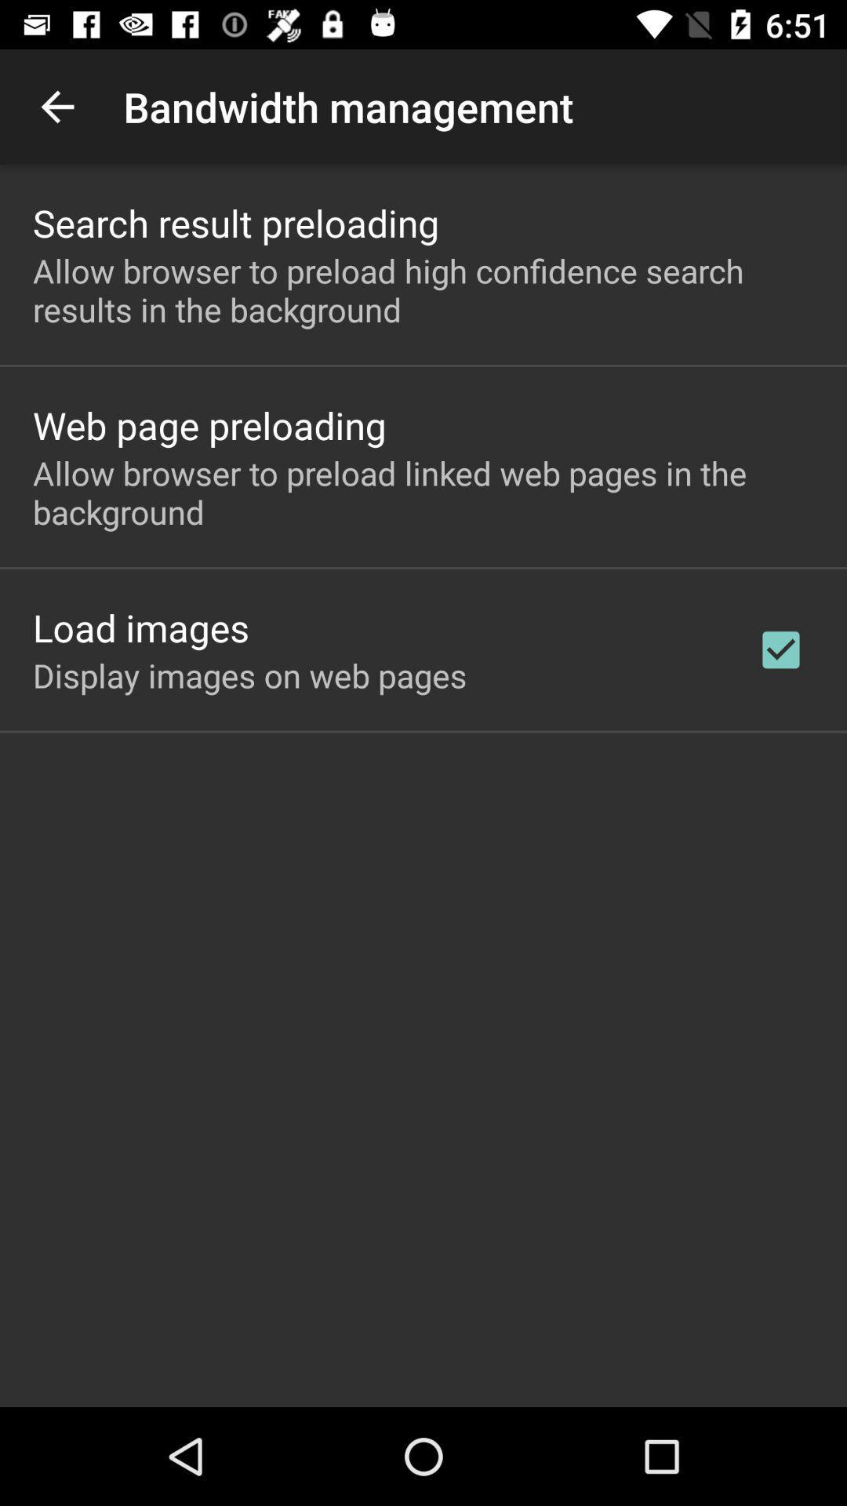 This screenshot has width=847, height=1506. Describe the element at coordinates (249, 675) in the screenshot. I see `icon below the load images` at that location.